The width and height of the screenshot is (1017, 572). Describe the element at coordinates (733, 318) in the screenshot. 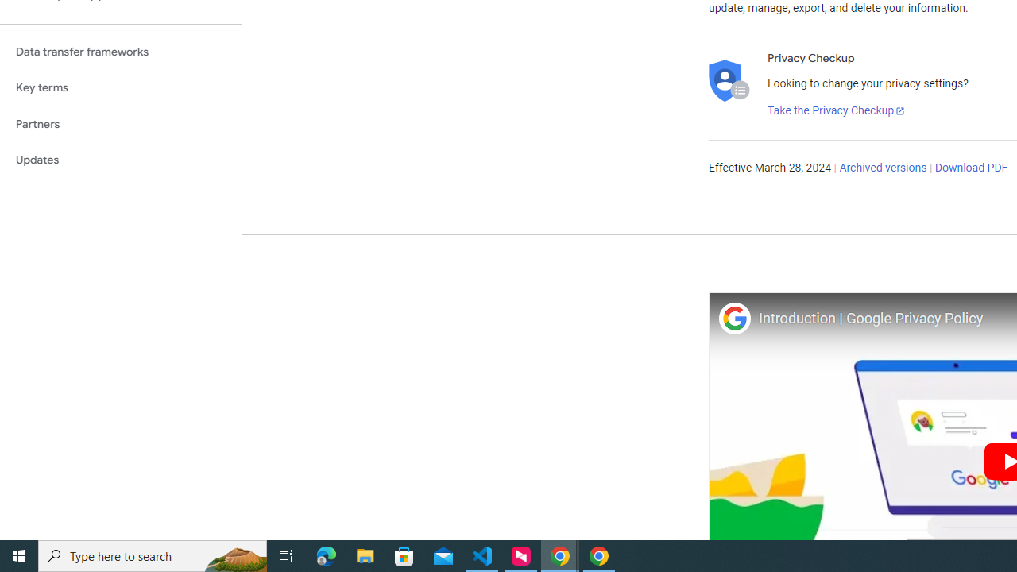

I see `'Photo image of Google'` at that location.